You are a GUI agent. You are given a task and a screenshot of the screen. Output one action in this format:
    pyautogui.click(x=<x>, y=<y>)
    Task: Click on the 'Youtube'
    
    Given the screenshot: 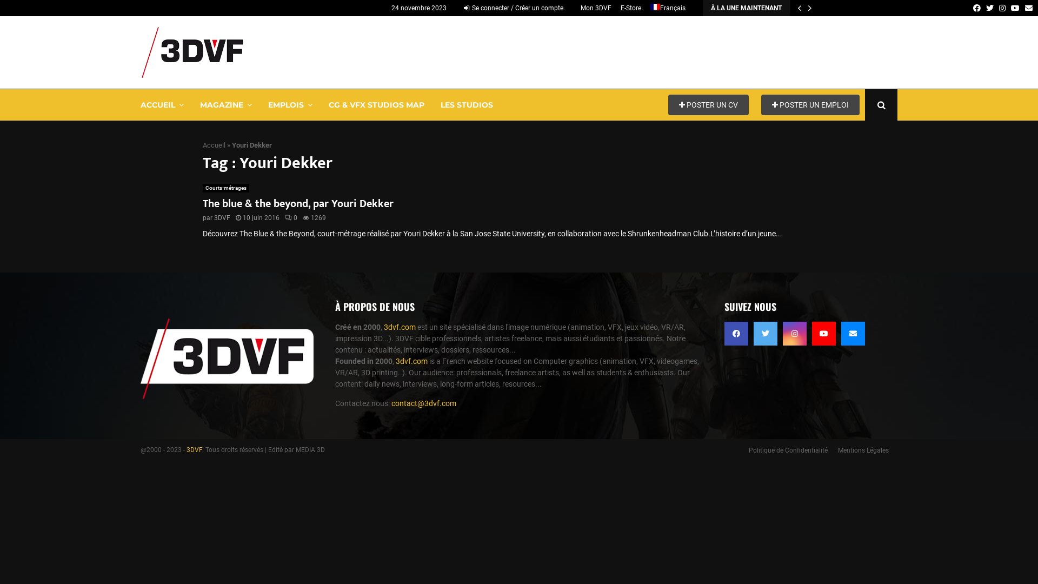 What is the action you would take?
    pyautogui.click(x=823, y=333)
    